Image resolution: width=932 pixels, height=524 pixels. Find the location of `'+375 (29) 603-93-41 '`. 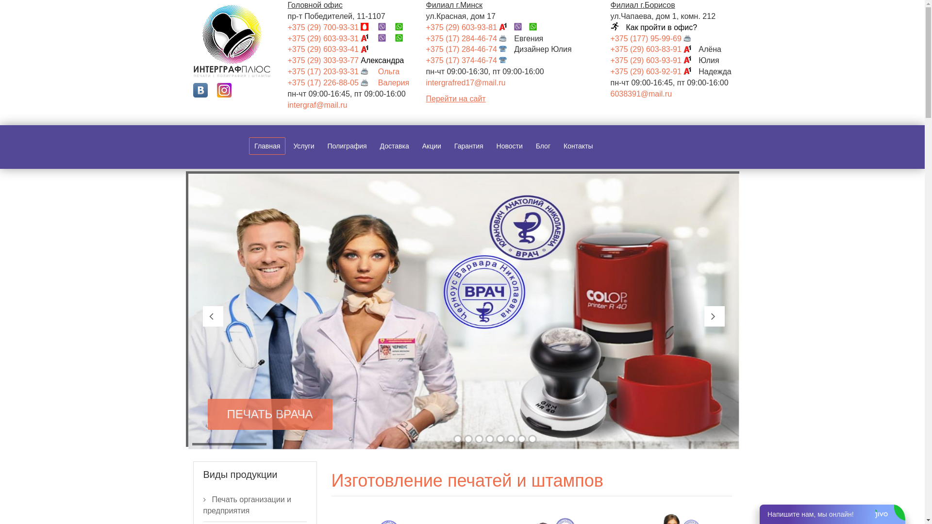

'+375 (29) 603-93-41 ' is located at coordinates (331, 49).